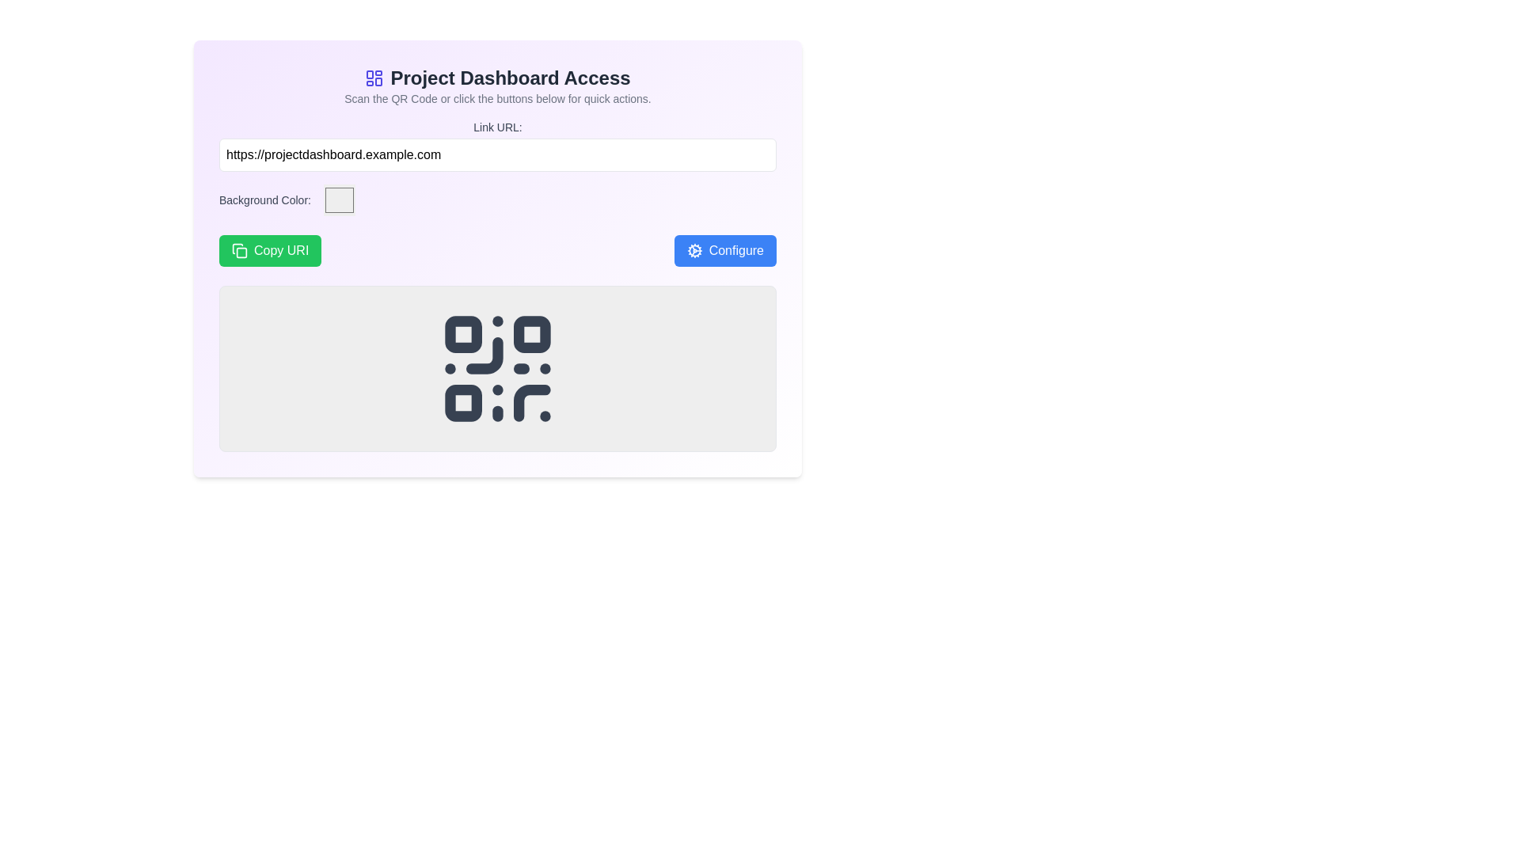 The width and height of the screenshot is (1520, 855). I want to click on the color picker input labeled 'Background Color:', so click(496, 199).